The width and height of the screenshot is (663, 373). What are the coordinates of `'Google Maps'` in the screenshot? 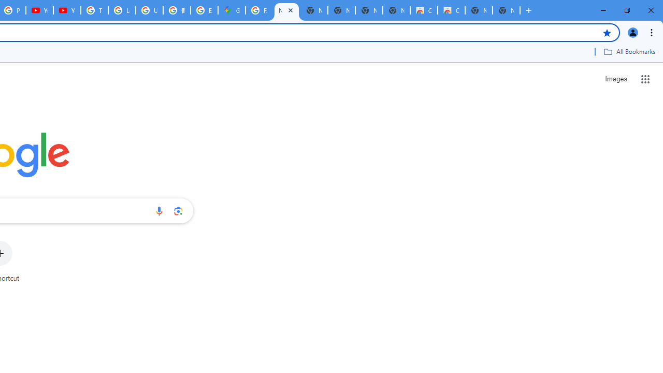 It's located at (231, 10).